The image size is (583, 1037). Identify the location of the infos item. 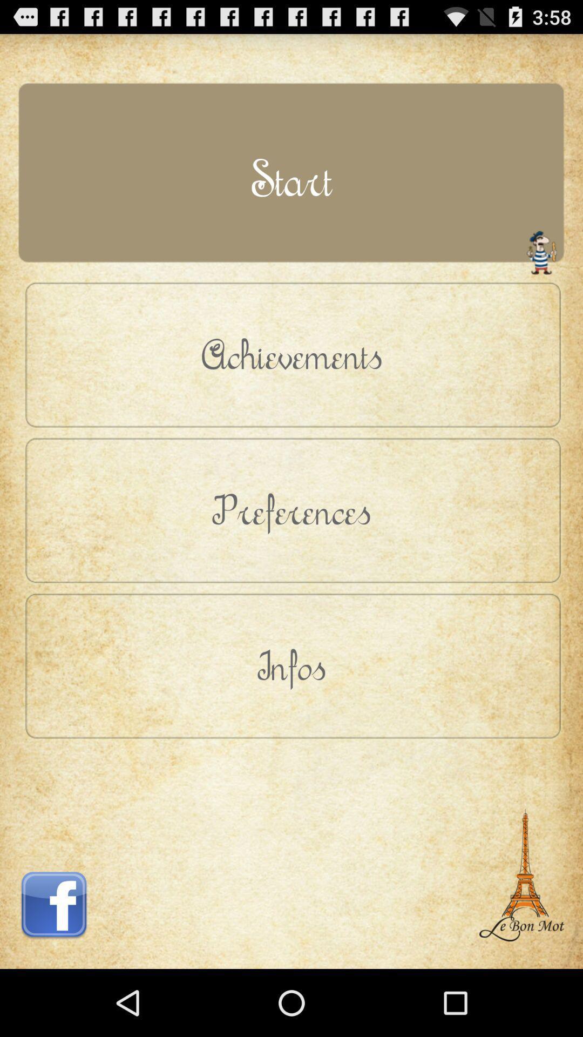
(291, 665).